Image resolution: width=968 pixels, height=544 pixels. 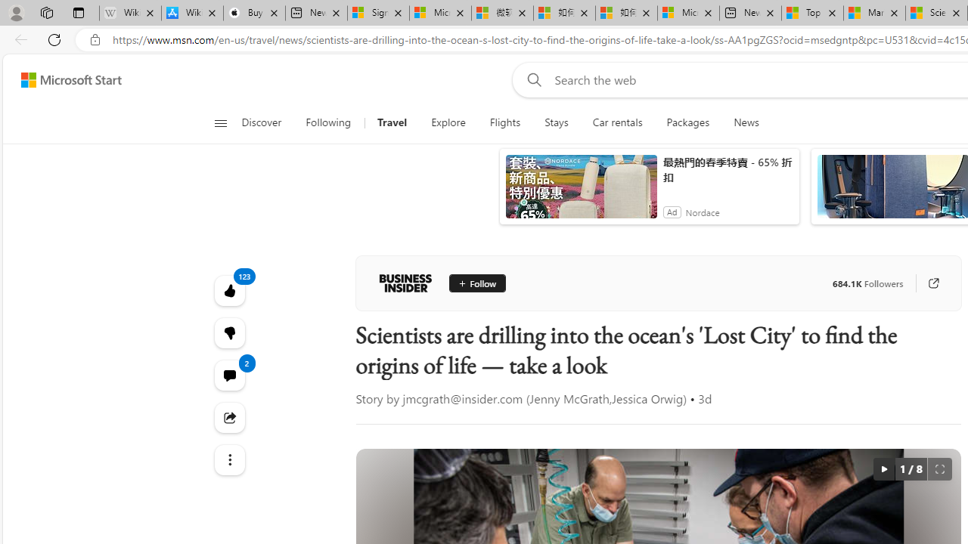 I want to click on 'Explore', so click(x=448, y=122).